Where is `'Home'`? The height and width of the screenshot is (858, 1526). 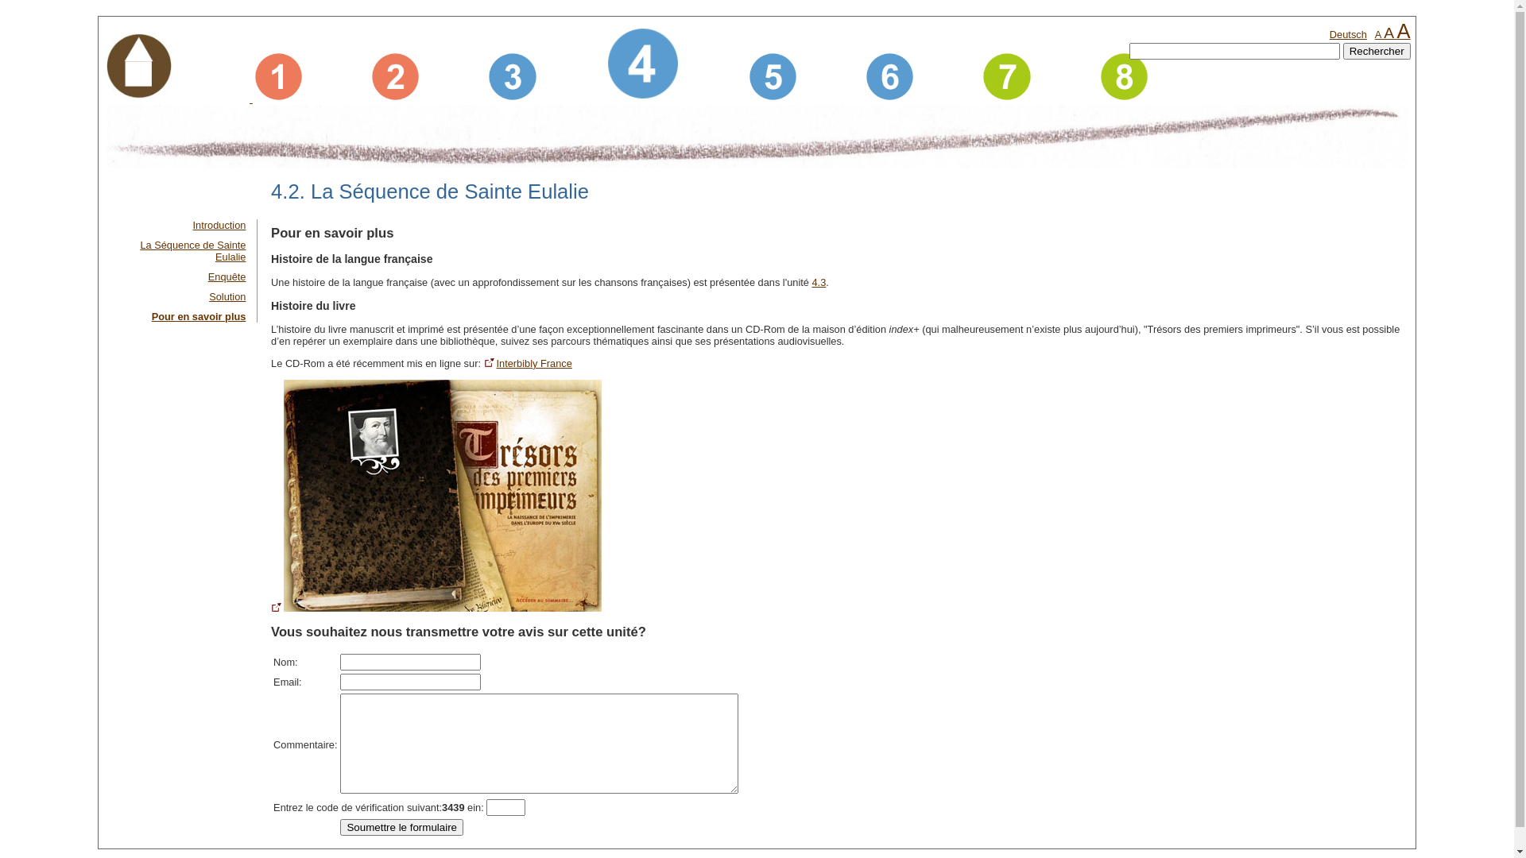
'Home' is located at coordinates (138, 67).